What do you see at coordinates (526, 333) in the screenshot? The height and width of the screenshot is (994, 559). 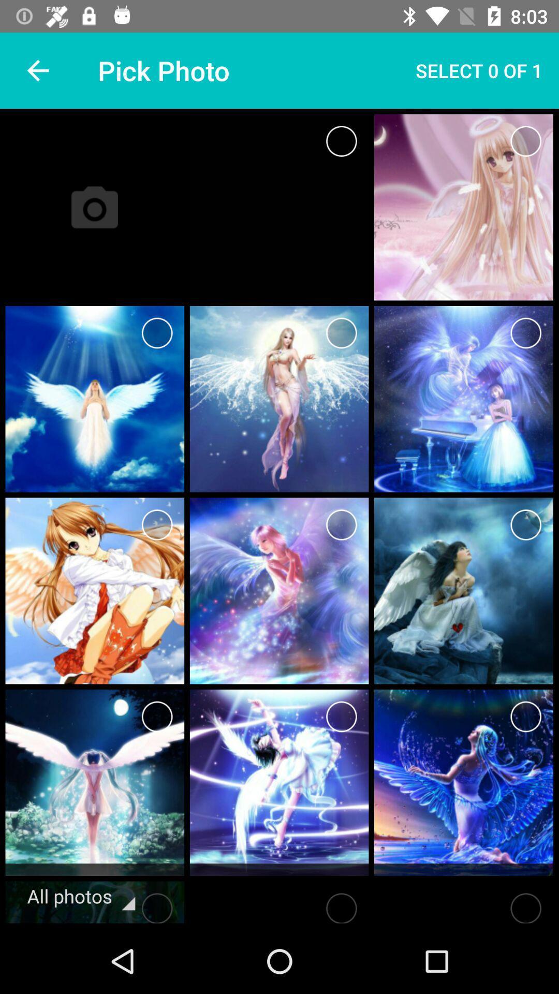 I see `image` at bounding box center [526, 333].